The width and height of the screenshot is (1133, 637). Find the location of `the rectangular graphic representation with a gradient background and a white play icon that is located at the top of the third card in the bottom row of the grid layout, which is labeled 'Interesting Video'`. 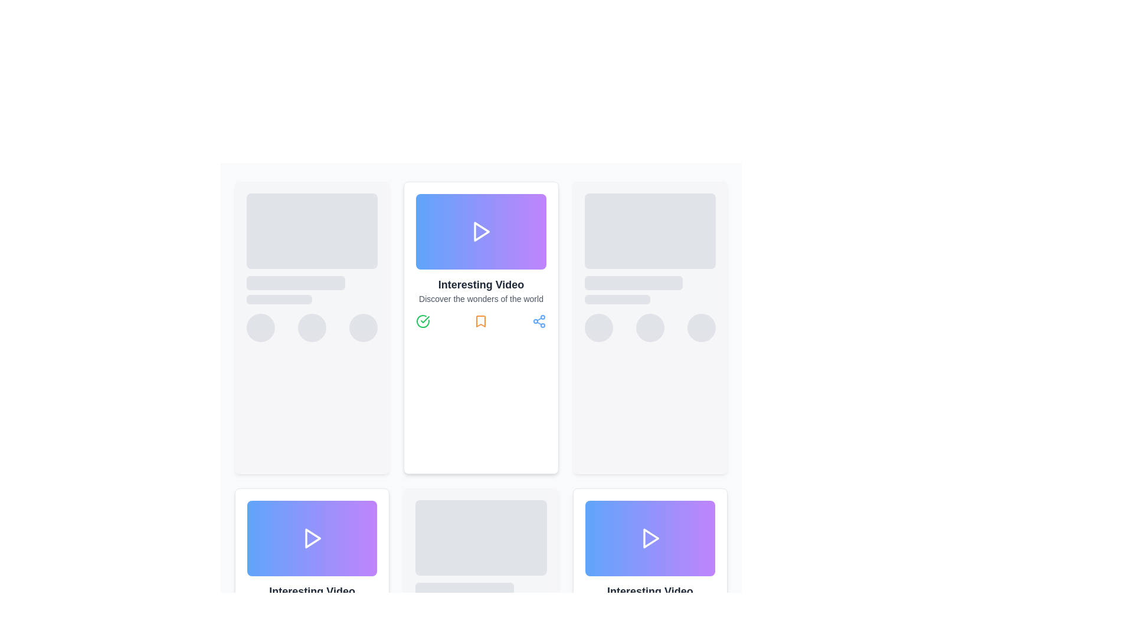

the rectangular graphic representation with a gradient background and a white play icon that is located at the top of the third card in the bottom row of the grid layout, which is labeled 'Interesting Video' is located at coordinates (649, 539).